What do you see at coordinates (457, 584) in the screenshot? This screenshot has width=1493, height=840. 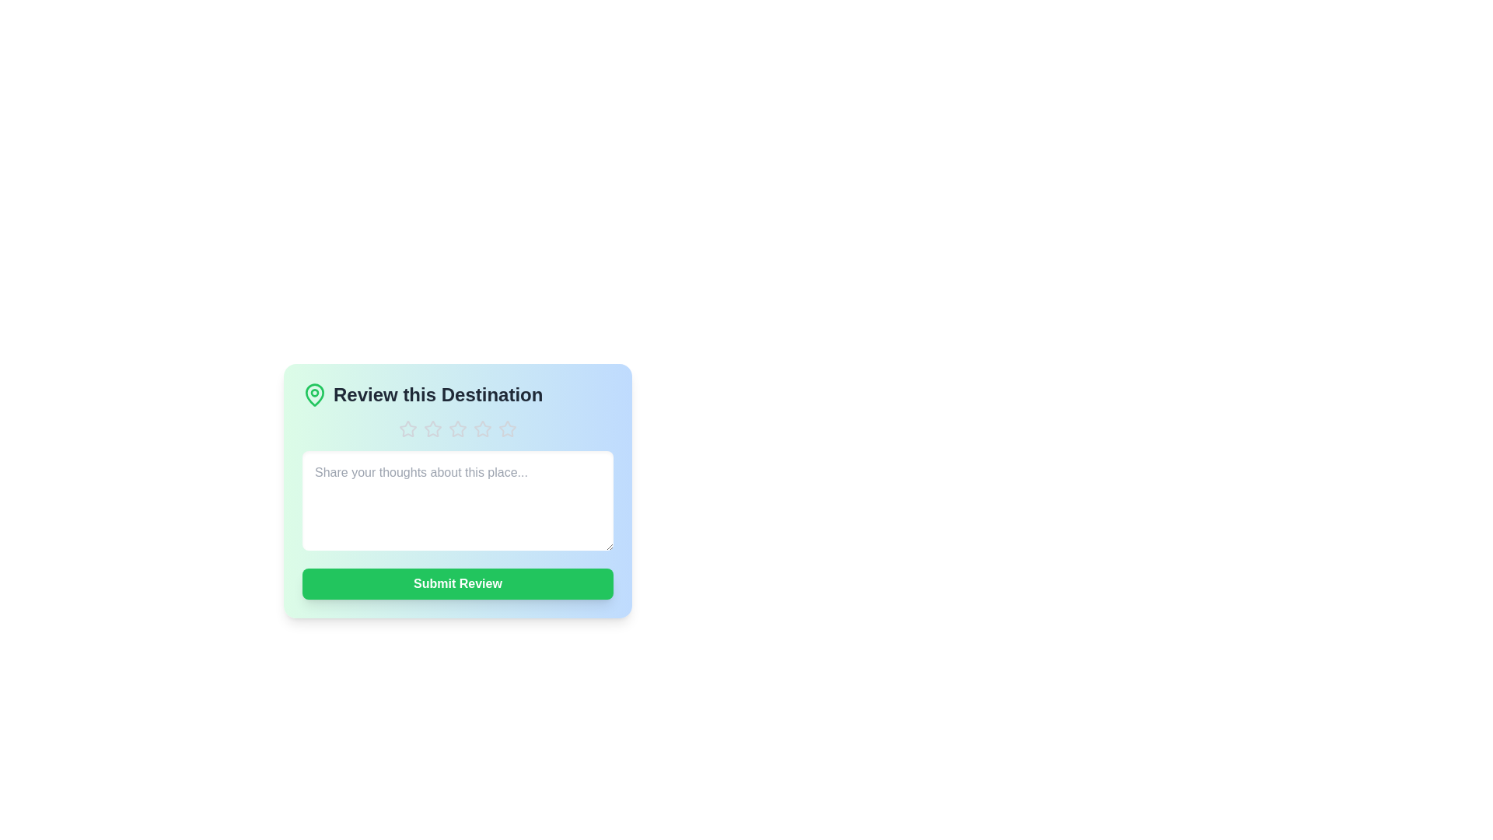 I see `'Submit Review' button` at bounding box center [457, 584].